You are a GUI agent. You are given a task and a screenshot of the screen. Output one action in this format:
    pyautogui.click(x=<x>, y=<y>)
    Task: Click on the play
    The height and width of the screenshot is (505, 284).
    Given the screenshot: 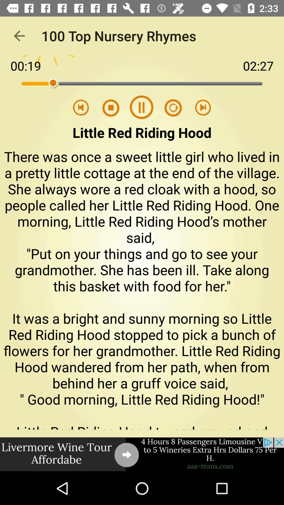 What is the action you would take?
    pyautogui.click(x=203, y=108)
    